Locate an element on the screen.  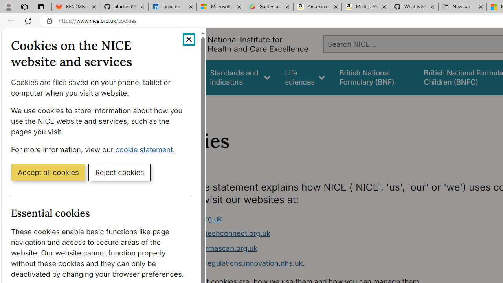
'Life sciences' is located at coordinates (305, 77).